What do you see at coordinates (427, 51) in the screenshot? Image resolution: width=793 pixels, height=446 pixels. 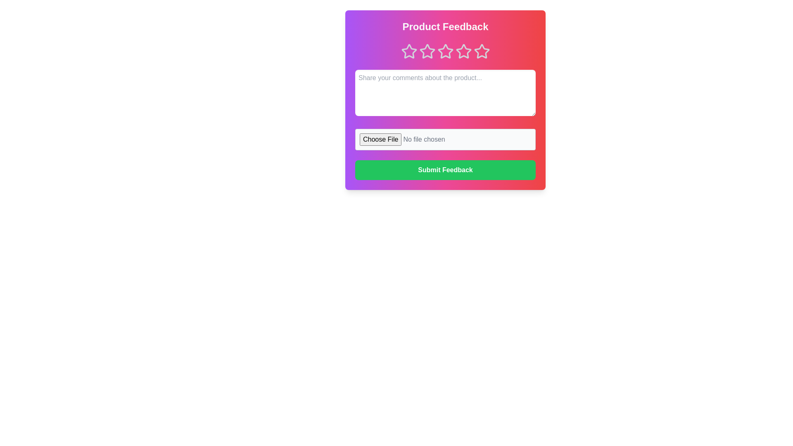 I see `the second star icon in the rating interface` at bounding box center [427, 51].